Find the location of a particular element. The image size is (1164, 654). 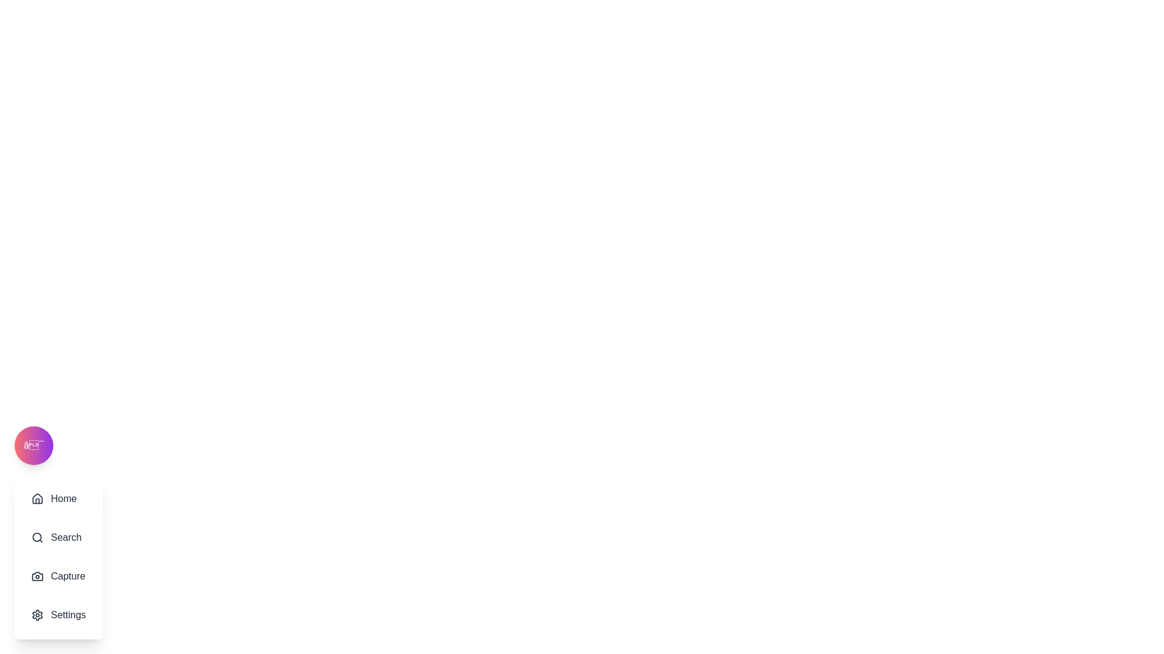

the menu item Search to reveal its hover effect is located at coordinates (58, 537).